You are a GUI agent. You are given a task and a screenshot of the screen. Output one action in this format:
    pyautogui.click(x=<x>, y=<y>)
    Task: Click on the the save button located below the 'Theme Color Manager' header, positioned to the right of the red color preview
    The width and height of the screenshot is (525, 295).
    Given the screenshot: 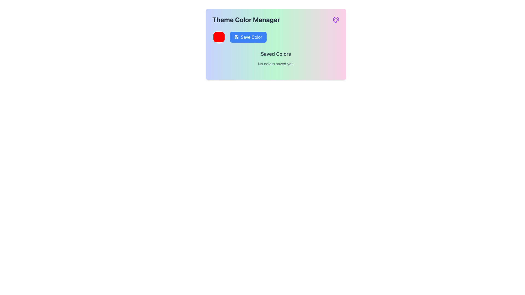 What is the action you would take?
    pyautogui.click(x=276, y=37)
    